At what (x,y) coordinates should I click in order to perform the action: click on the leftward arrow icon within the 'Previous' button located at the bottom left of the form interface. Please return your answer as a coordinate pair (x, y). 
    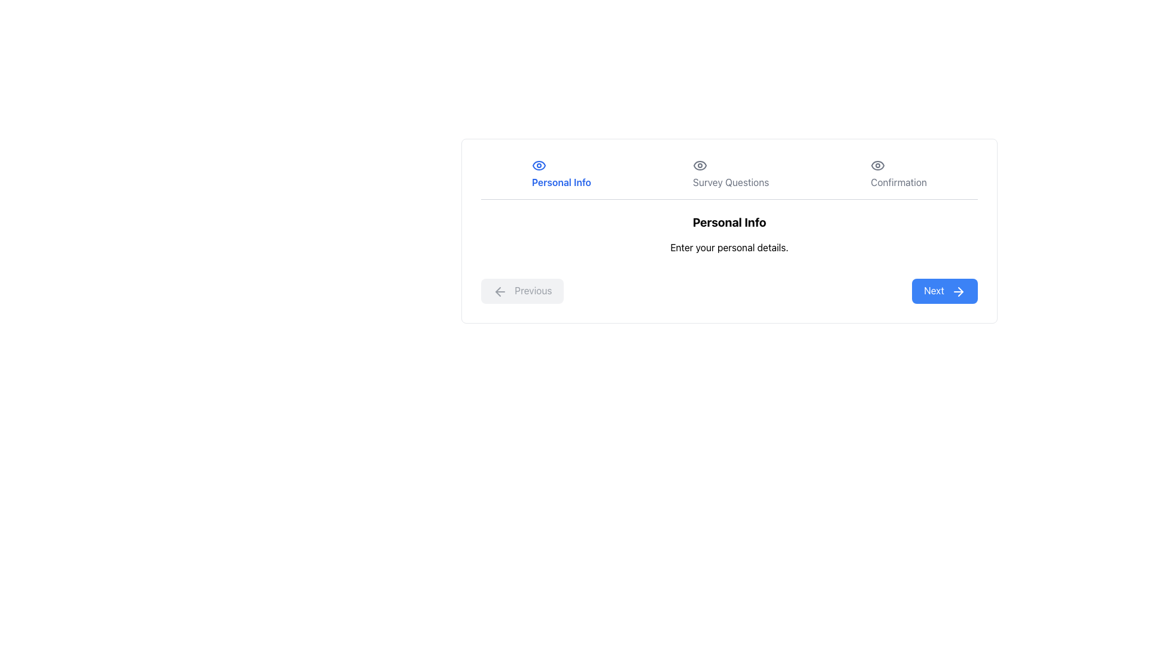
    Looking at the image, I should click on (500, 291).